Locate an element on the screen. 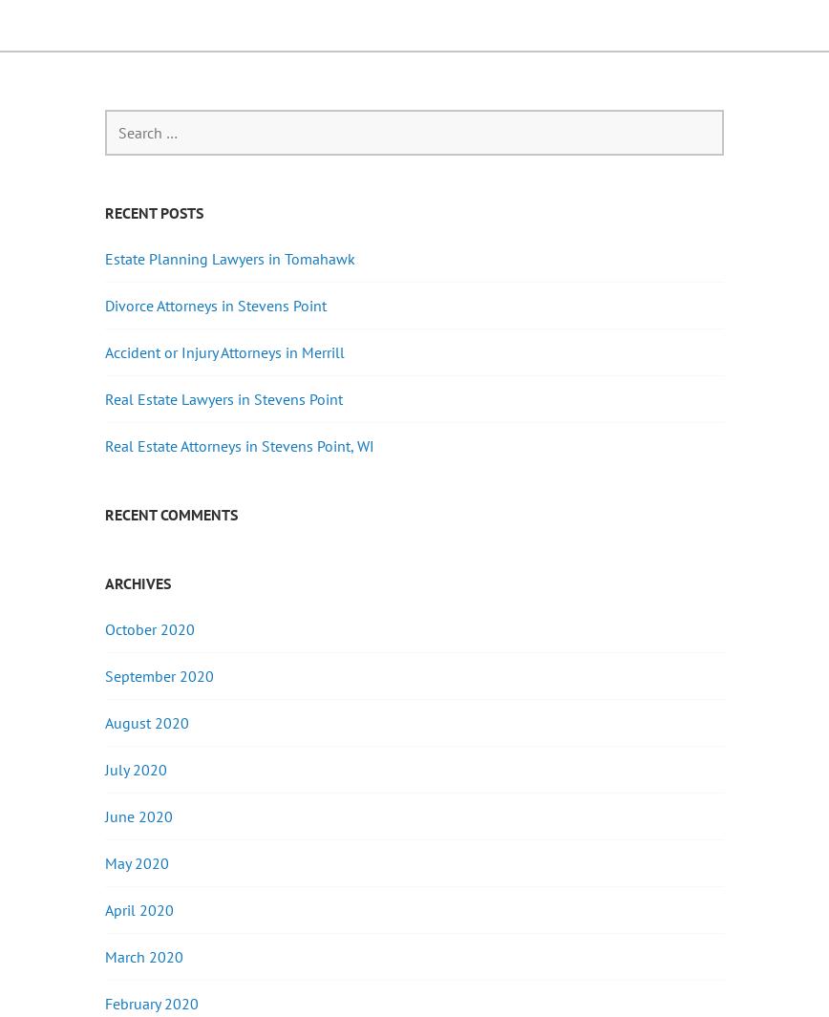 This screenshot has height=1017, width=829. 'Accident or Injury Attorneys in Merrill' is located at coordinates (224, 350).